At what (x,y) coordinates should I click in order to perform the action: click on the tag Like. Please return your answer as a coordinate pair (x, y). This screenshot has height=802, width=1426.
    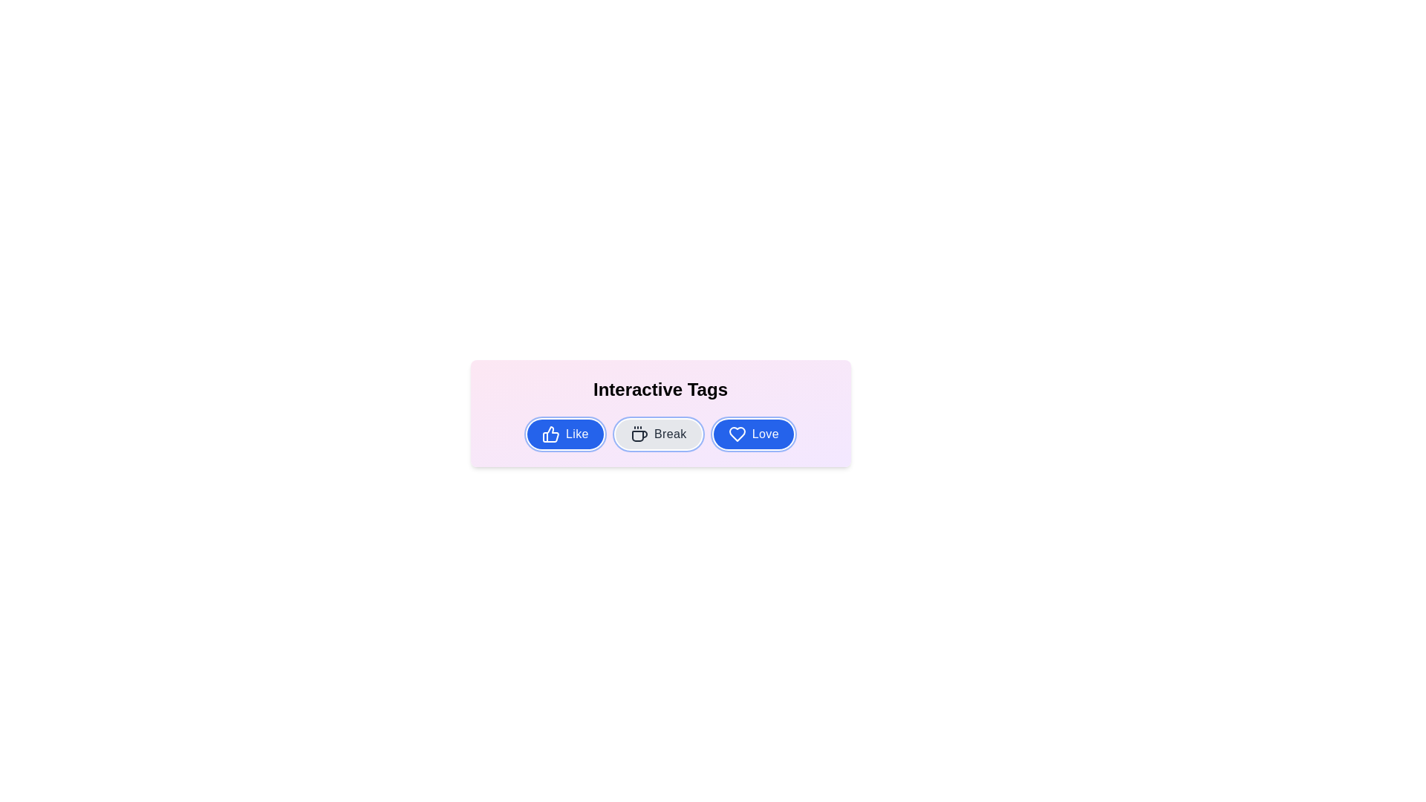
    Looking at the image, I should click on (564, 434).